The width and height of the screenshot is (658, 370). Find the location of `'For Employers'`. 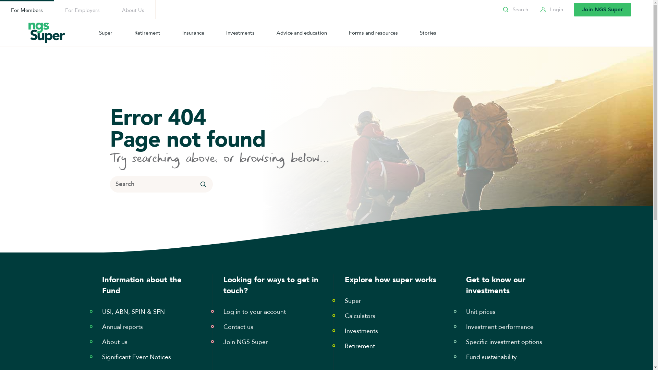

'For Employers' is located at coordinates (82, 9).